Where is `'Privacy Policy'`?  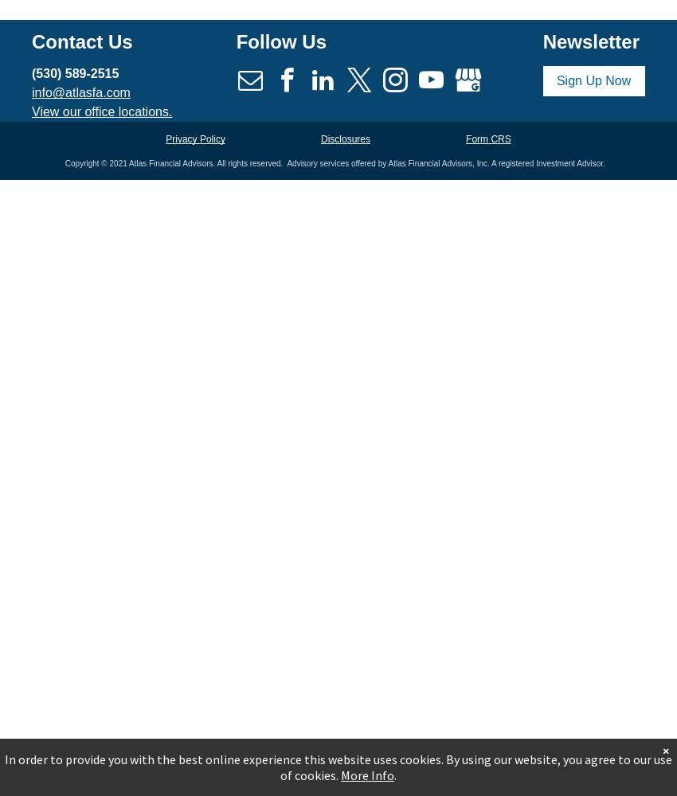
'Privacy Policy' is located at coordinates (194, 139).